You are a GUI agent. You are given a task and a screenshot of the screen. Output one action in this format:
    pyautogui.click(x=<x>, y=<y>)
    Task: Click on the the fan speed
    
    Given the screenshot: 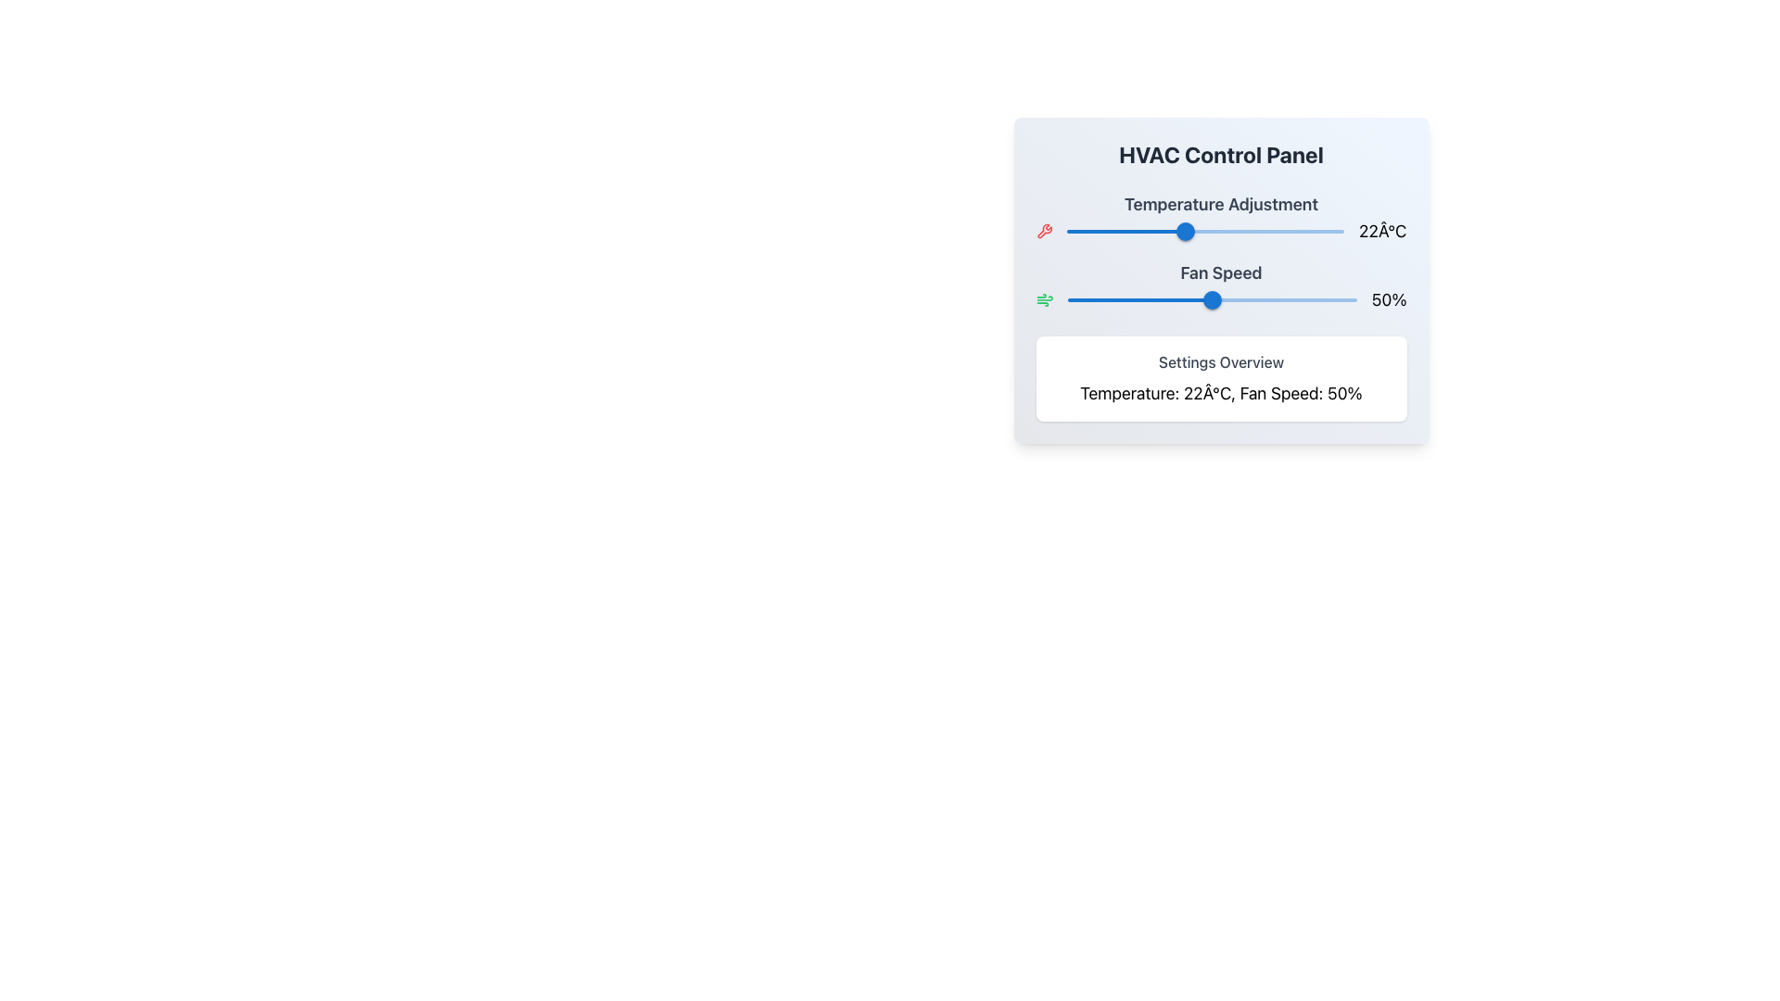 What is the action you would take?
    pyautogui.click(x=1290, y=299)
    